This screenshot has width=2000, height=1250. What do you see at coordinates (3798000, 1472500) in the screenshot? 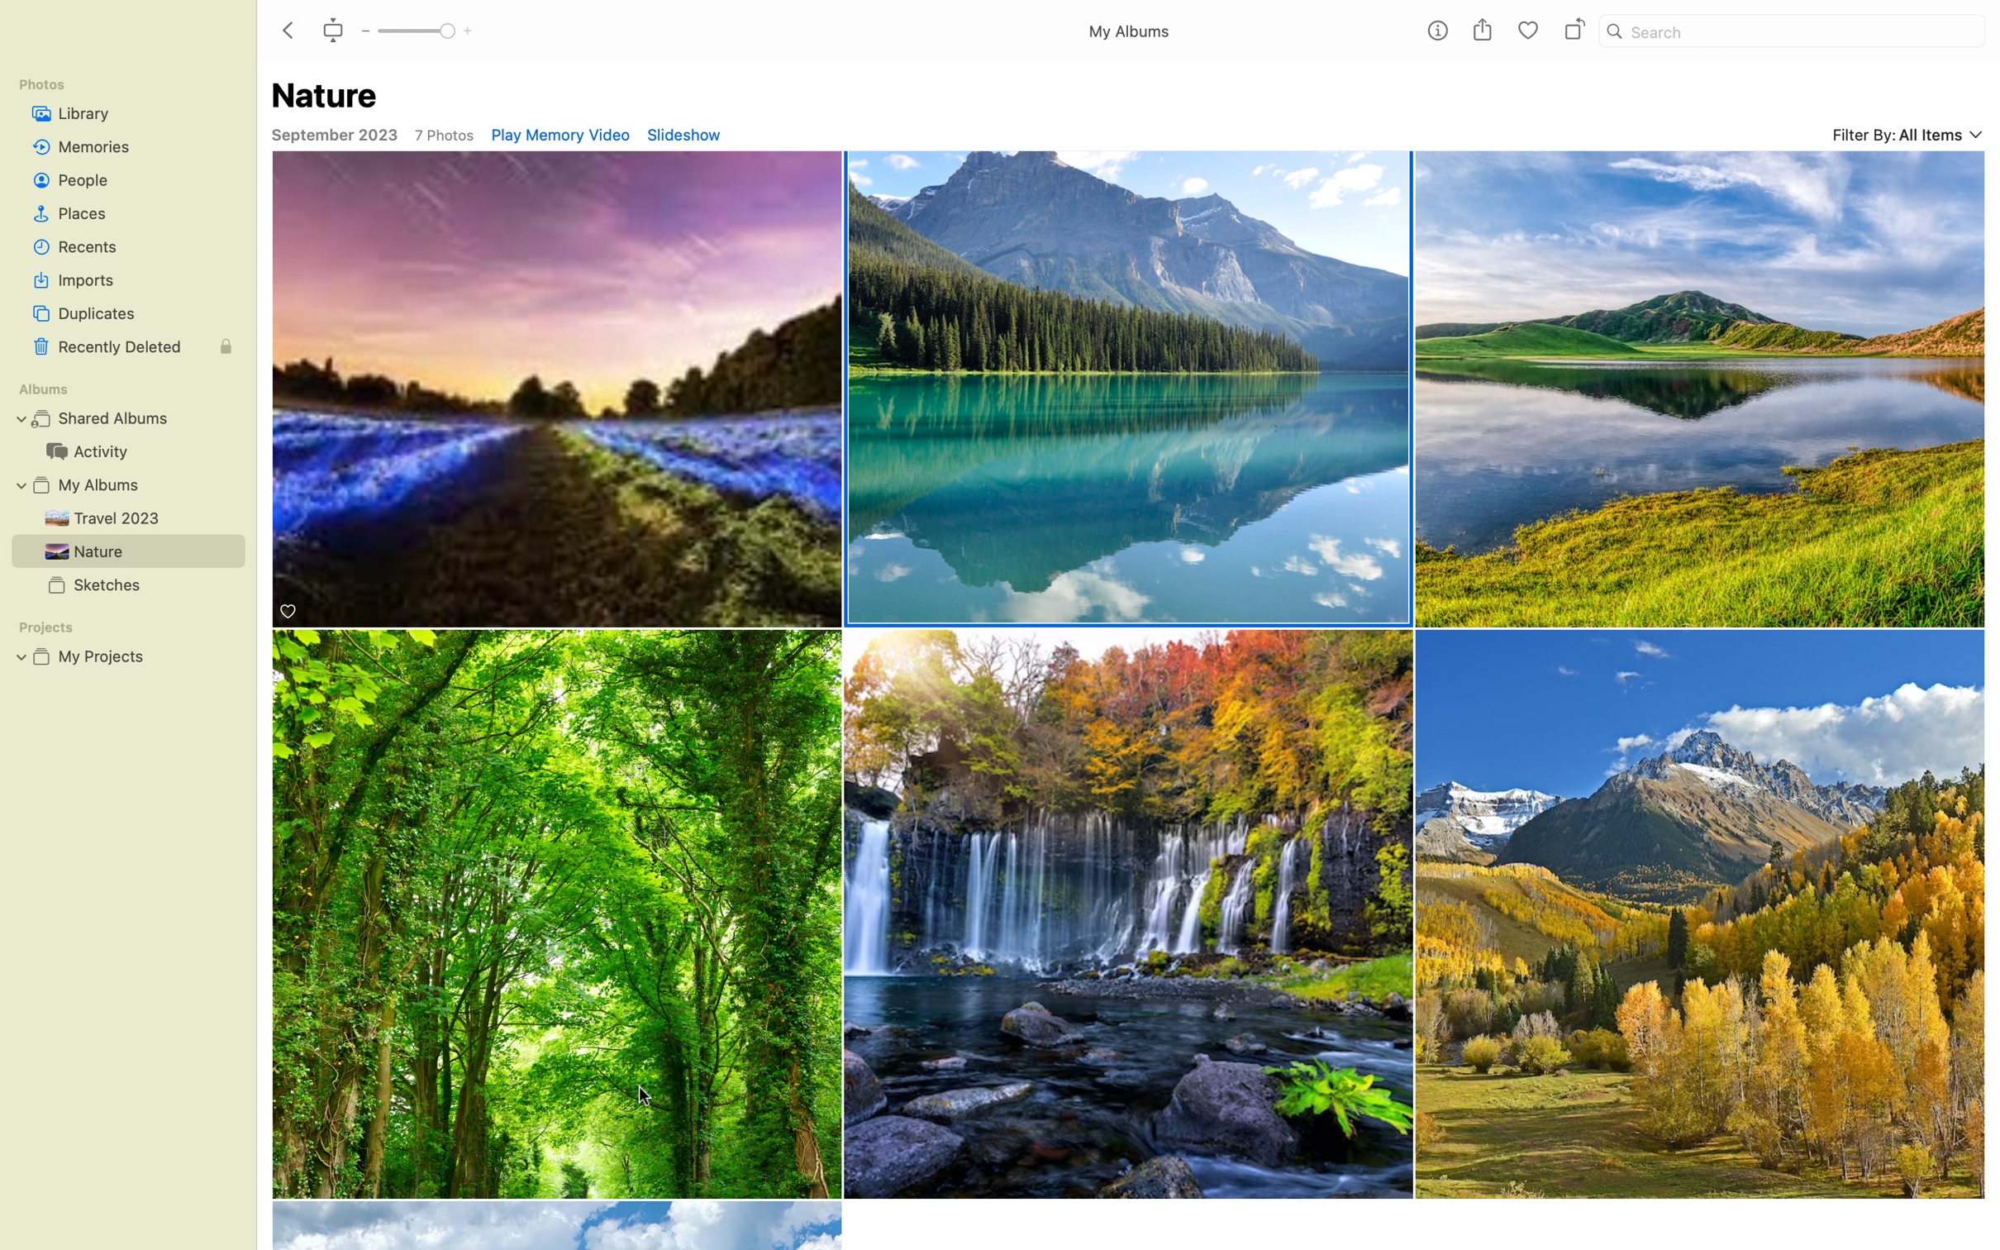
I see `Go to the start of the webpage` at bounding box center [3798000, 1472500].